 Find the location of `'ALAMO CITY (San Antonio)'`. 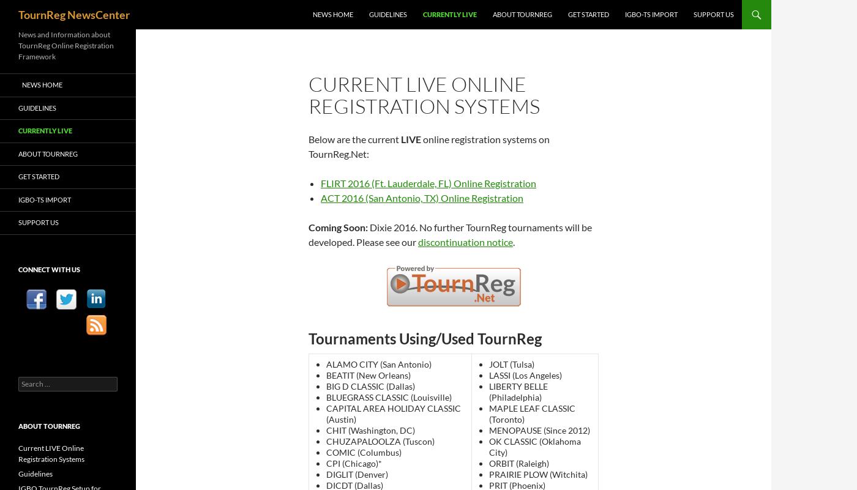

'ALAMO CITY (San Antonio)' is located at coordinates (378, 364).